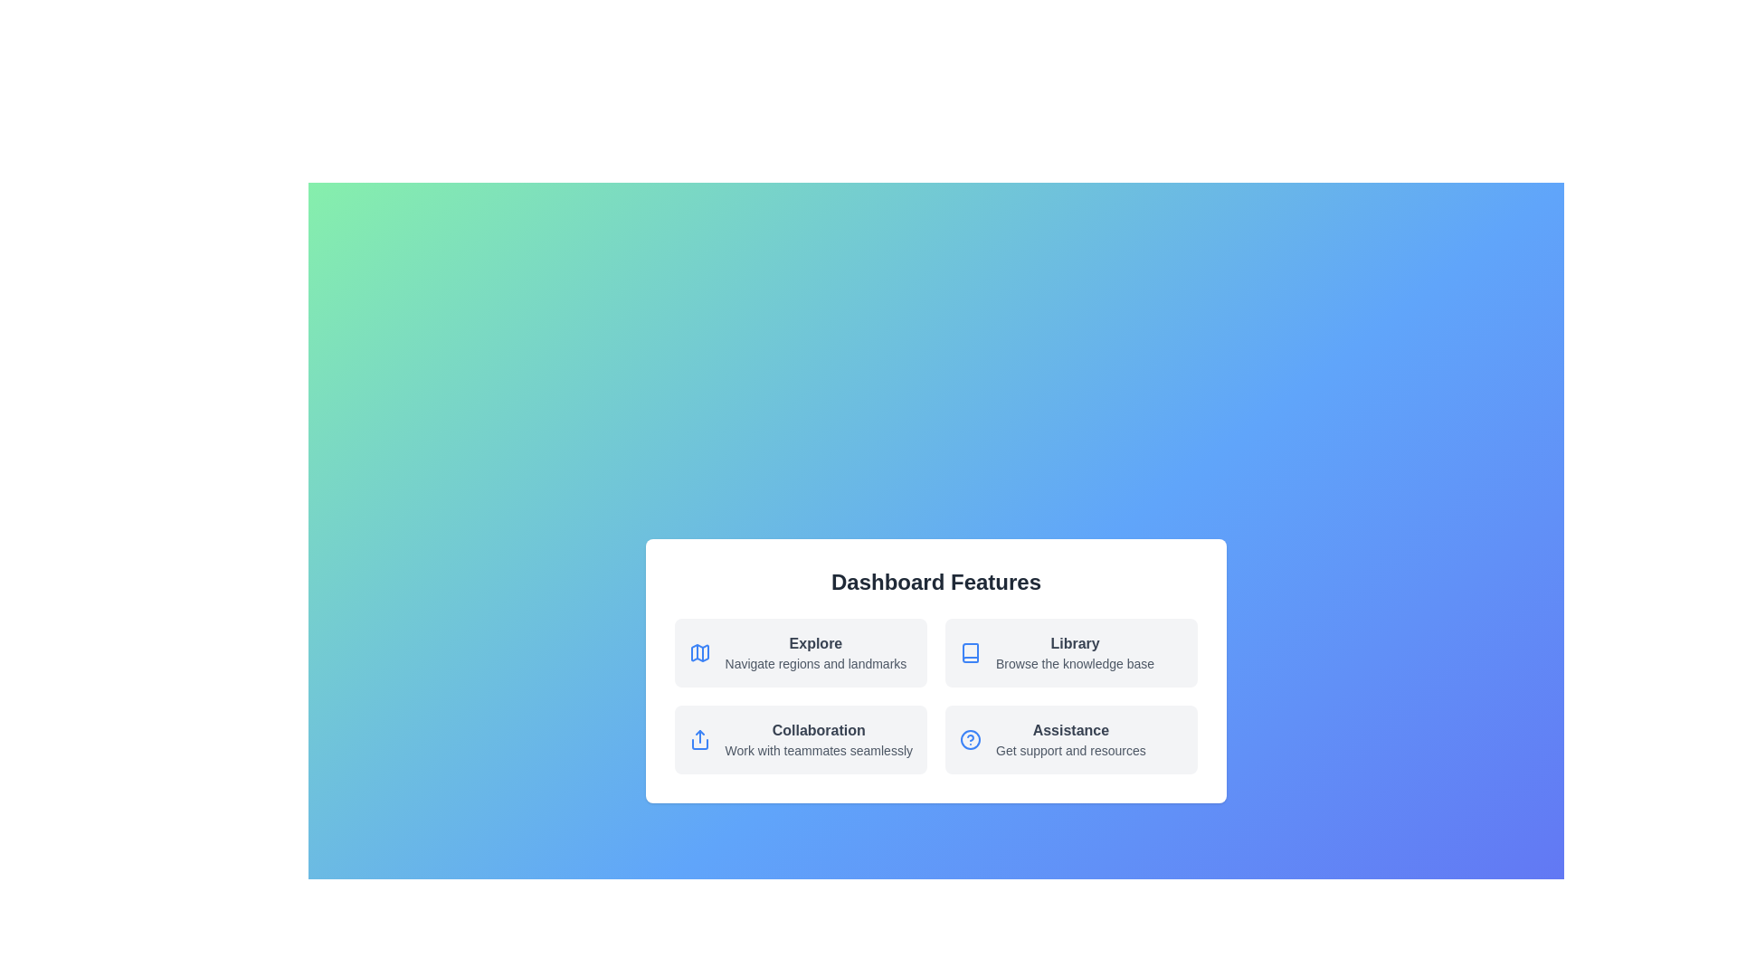  I want to click on the icon for the Library feature, so click(970, 652).